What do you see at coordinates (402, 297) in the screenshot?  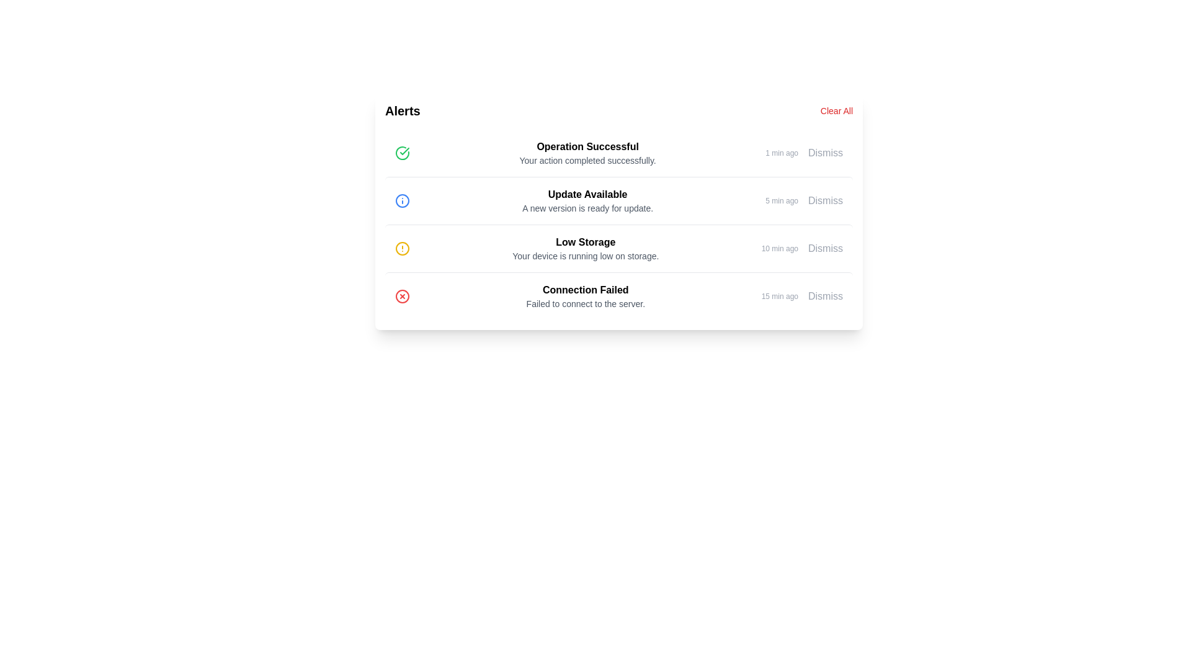 I see `the critical error icon indicating 'Connection Failed', located to the left of the 'Connection Failed' text in the notifications list` at bounding box center [402, 297].